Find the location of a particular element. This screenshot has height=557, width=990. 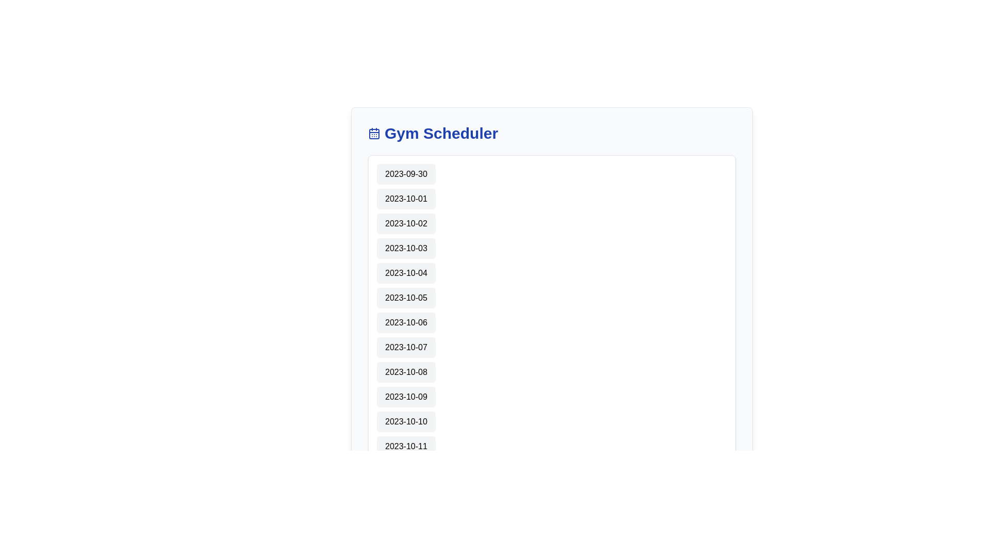

the button displaying '2023-10-05' in the Gym Scheduler is located at coordinates (405, 298).